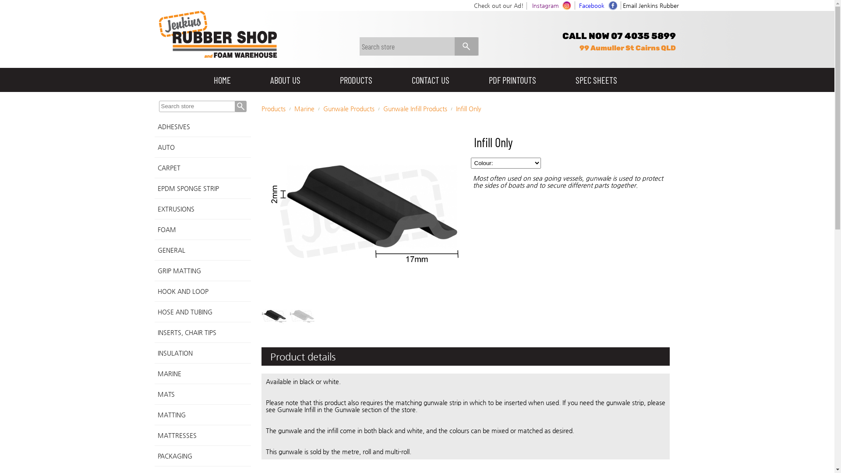 This screenshot has width=841, height=473. Describe the element at coordinates (201, 147) in the screenshot. I see `'AUTO'` at that location.